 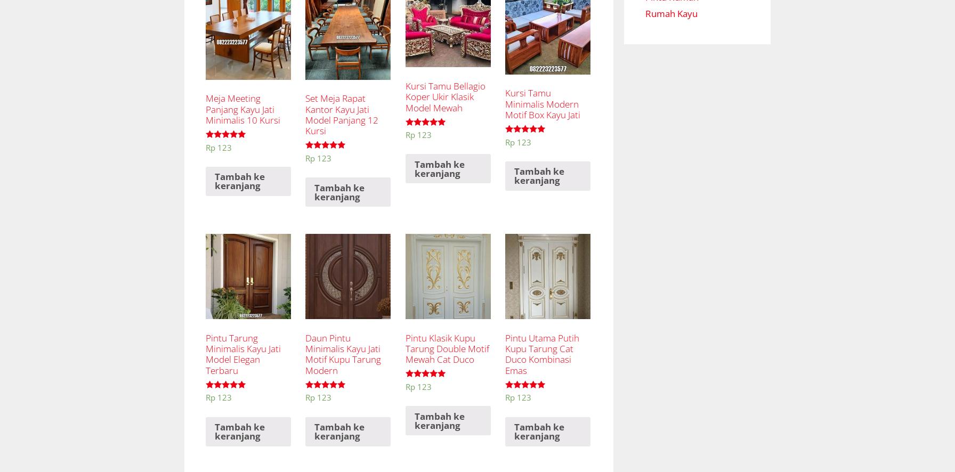 What do you see at coordinates (404, 96) in the screenshot?
I see `'Kursi Tamu Bellagio Koper Ukir Klasik Model Mewah'` at bounding box center [404, 96].